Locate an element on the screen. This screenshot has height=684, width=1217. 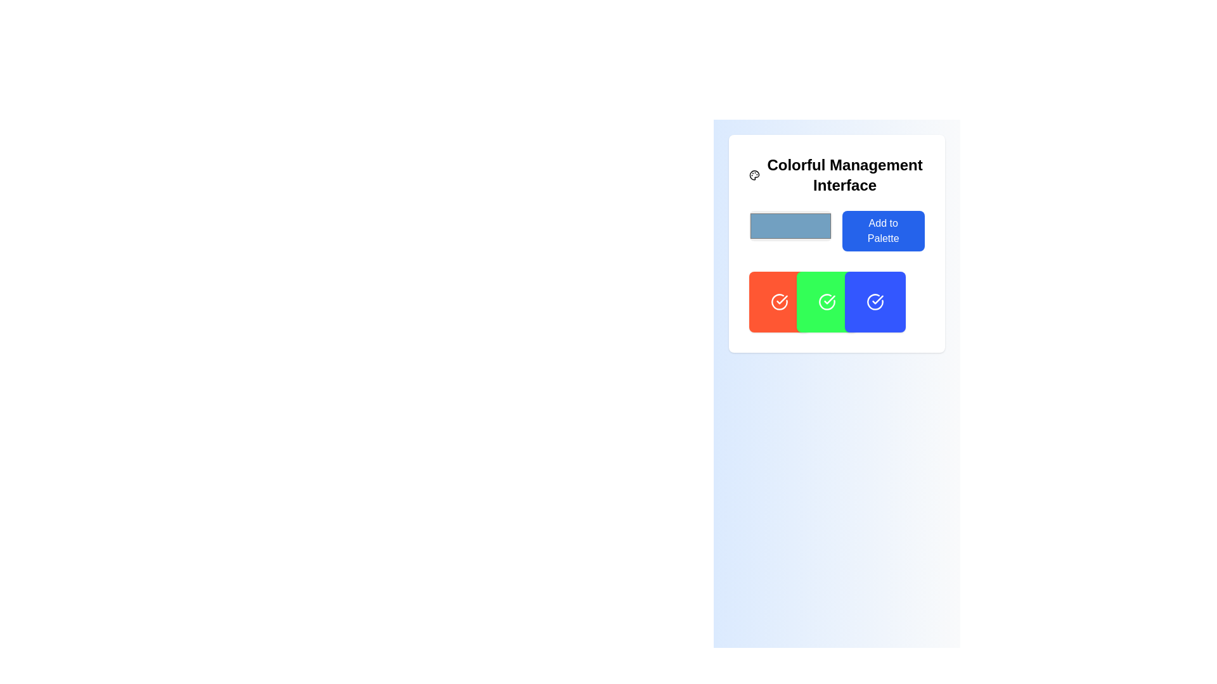
the circular SVG icon with a checkmark symbol, which is located within a green square button in the middle of a row of buttons at the bottom section of the interface is located at coordinates (827, 302).